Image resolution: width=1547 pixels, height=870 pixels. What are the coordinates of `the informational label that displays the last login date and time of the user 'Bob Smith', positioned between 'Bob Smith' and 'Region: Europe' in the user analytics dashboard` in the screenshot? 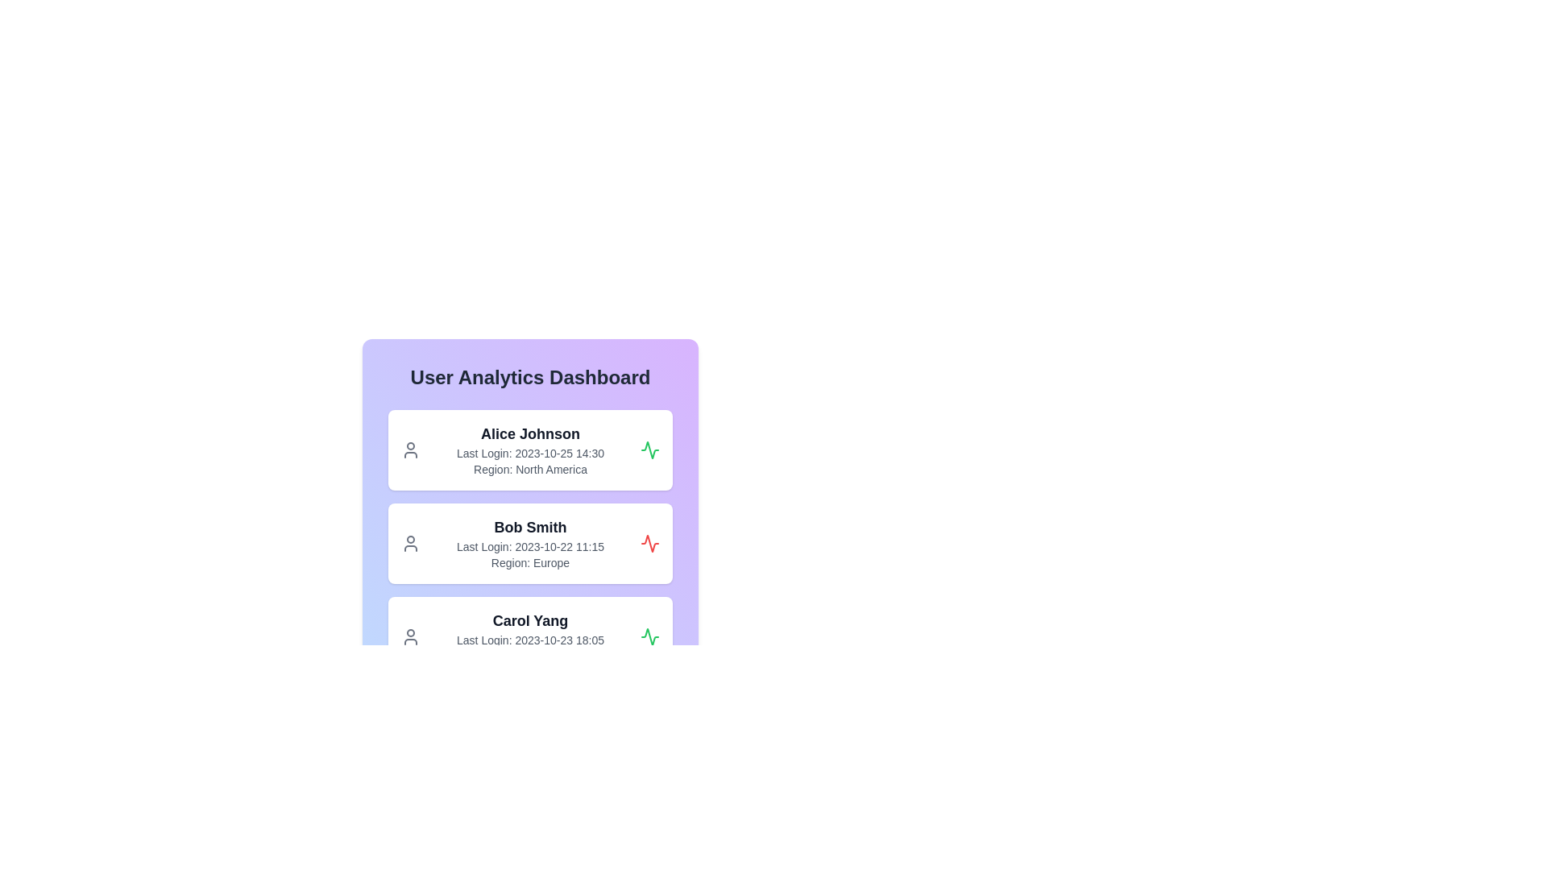 It's located at (530, 545).